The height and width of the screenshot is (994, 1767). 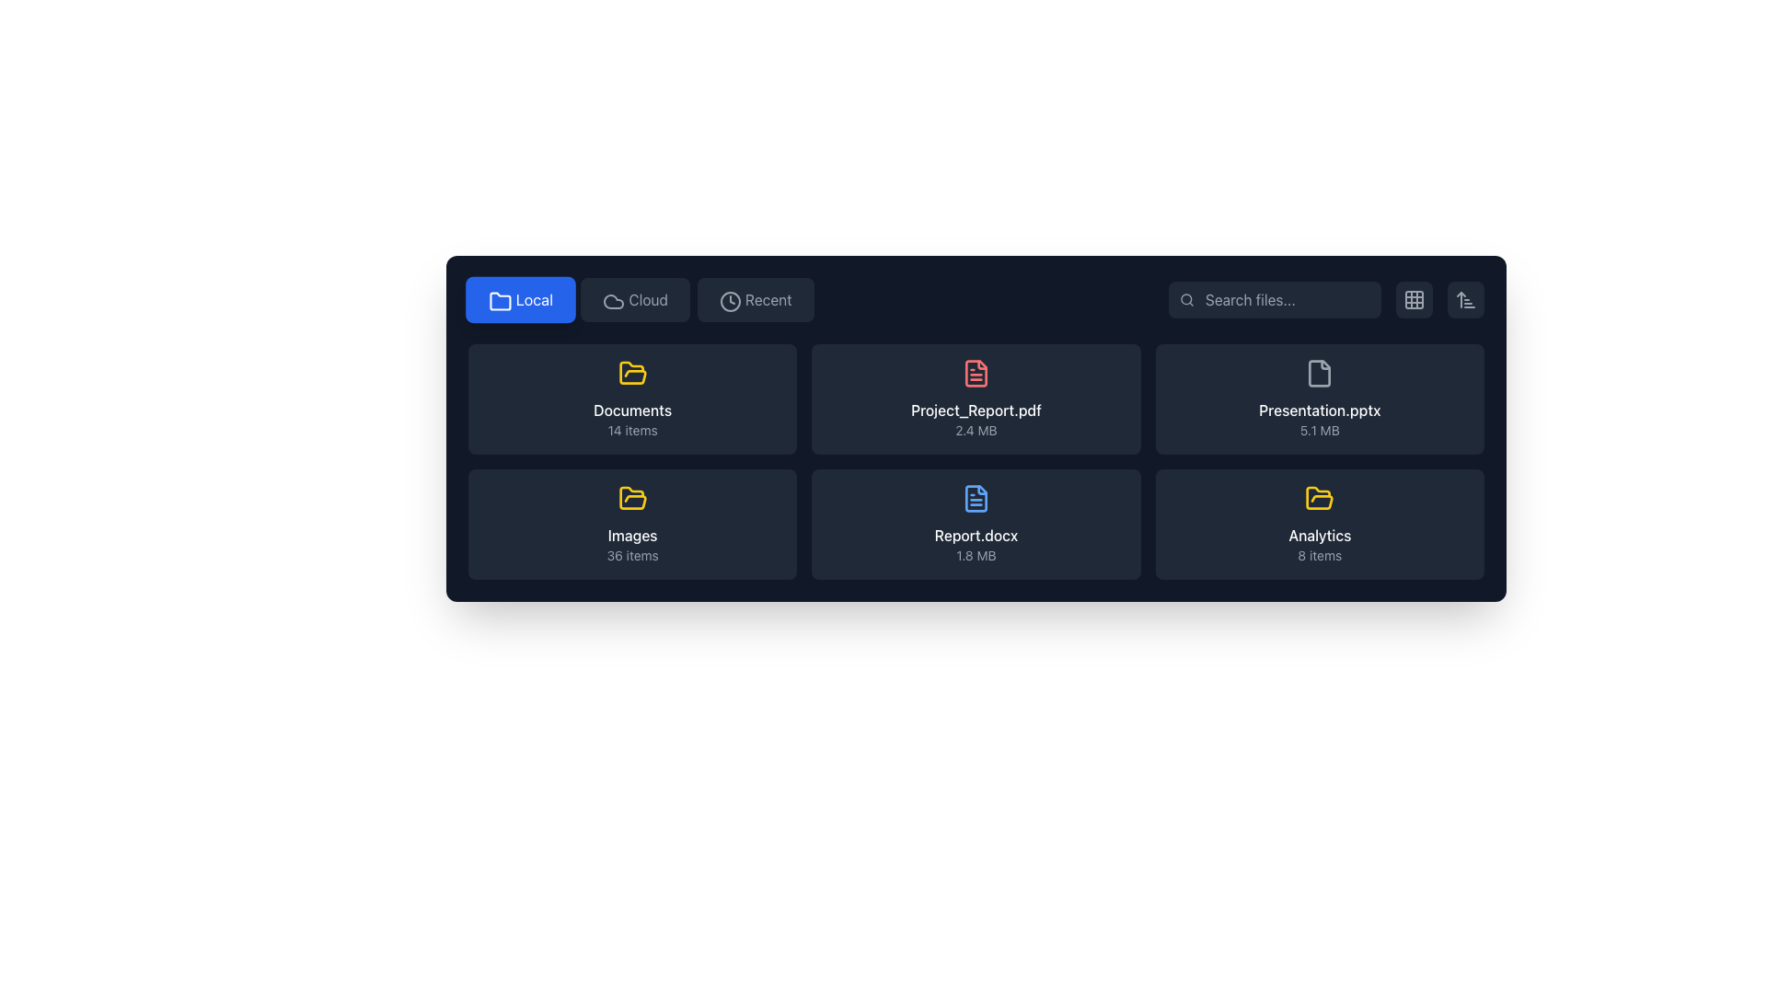 What do you see at coordinates (1465, 299) in the screenshot?
I see `the vertical sorting Button icon with an upward arrow and three horizontal lines located in the top-right corner of the interface` at bounding box center [1465, 299].